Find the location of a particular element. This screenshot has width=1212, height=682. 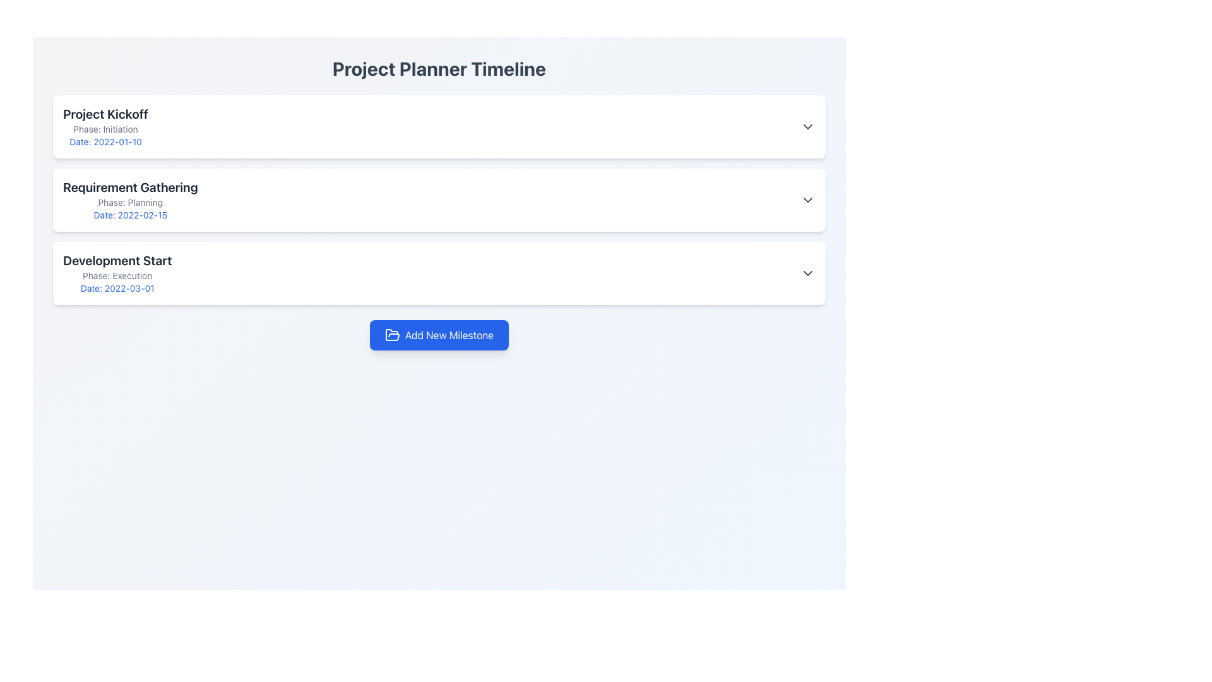

milestone summary displayed in the collapsible section titled 'Development Start', which includes details like 'Phase: Execution' and 'Date: 2022-03-01' is located at coordinates (439, 272).